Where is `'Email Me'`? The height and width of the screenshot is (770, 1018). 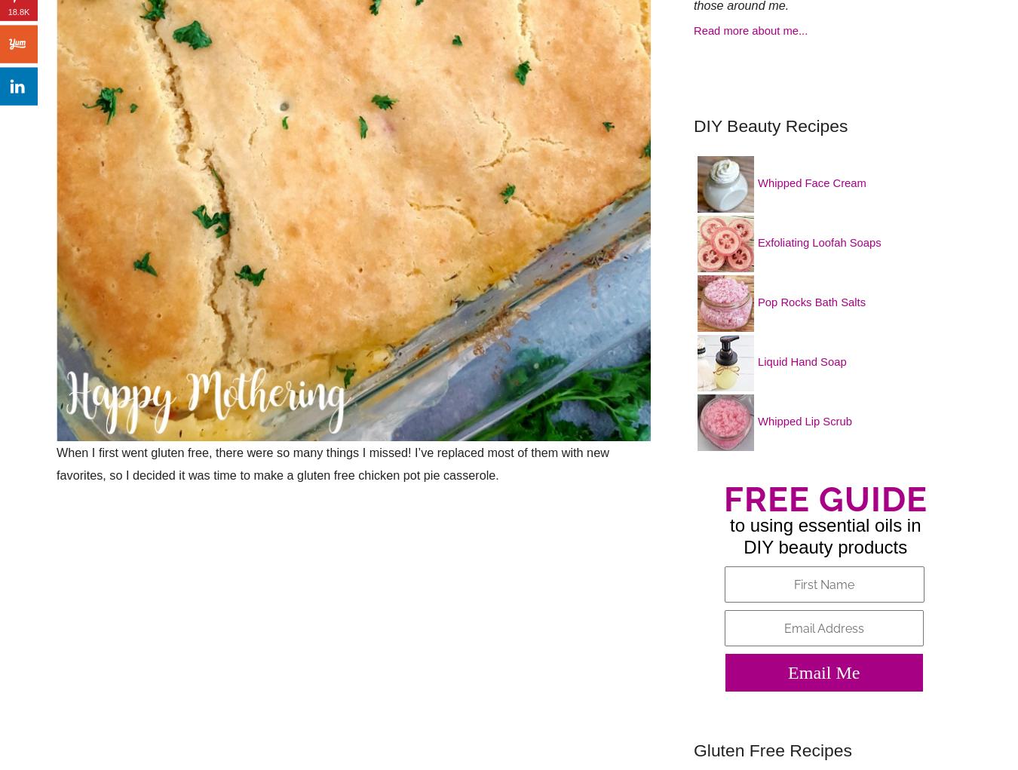 'Email Me' is located at coordinates (823, 672).